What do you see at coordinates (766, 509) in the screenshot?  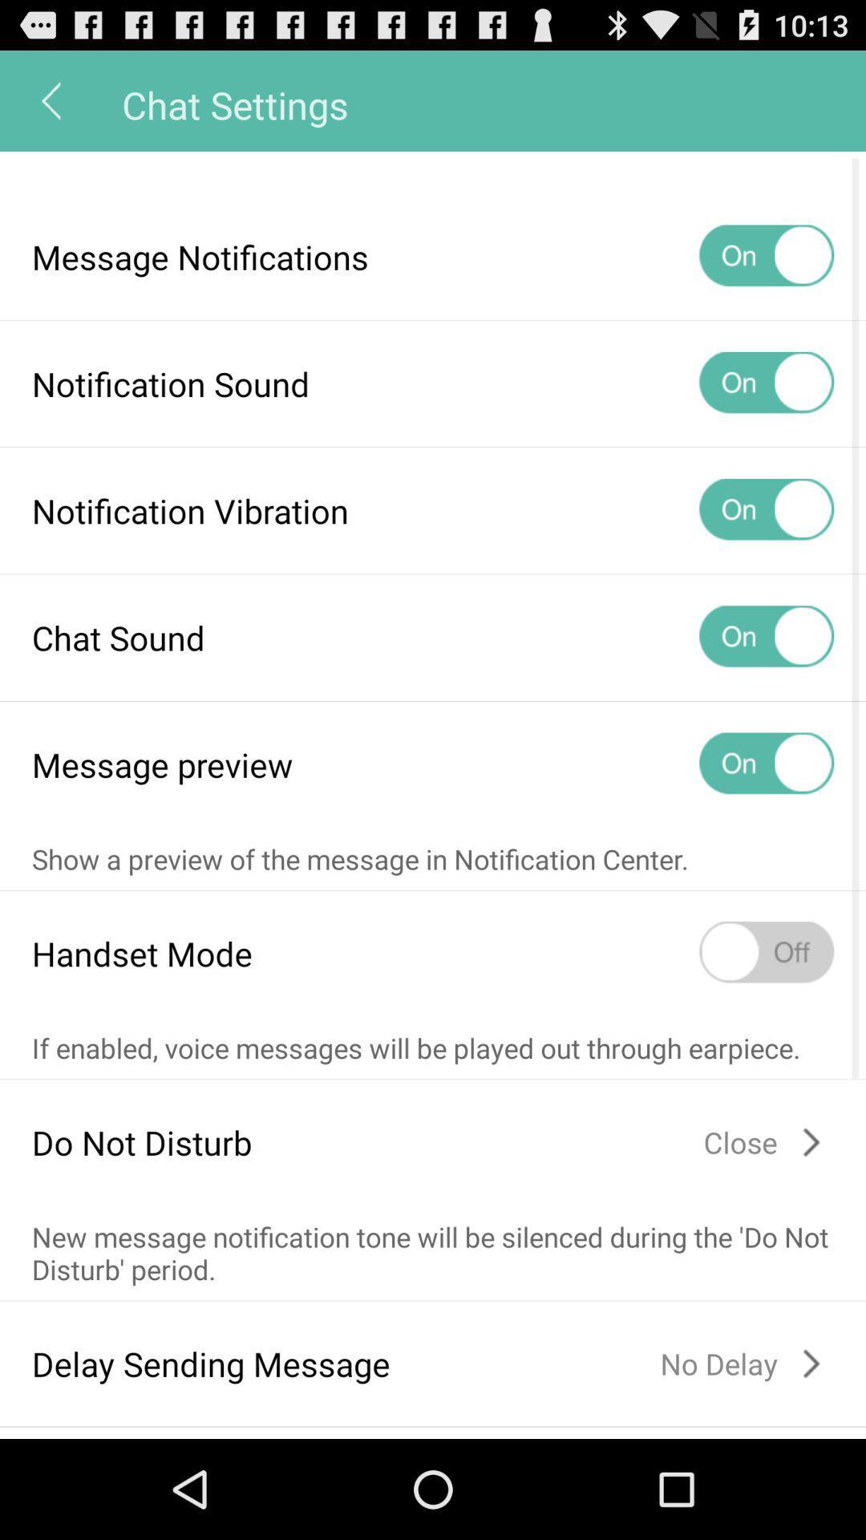 I see `the icon on right side of text notification vibration` at bounding box center [766, 509].